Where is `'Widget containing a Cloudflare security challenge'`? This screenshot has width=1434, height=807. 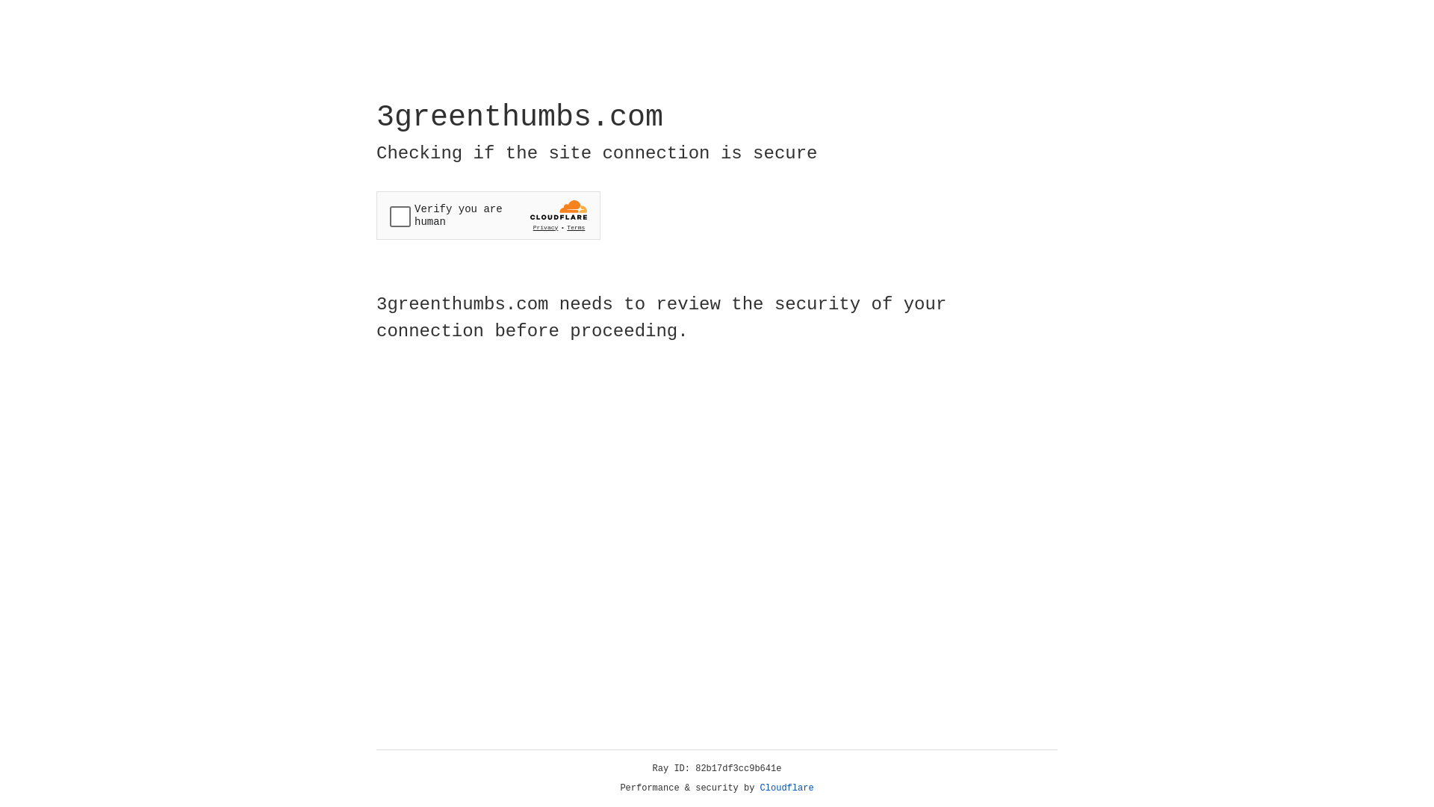
'Widget containing a Cloudflare security challenge' is located at coordinates (488, 215).